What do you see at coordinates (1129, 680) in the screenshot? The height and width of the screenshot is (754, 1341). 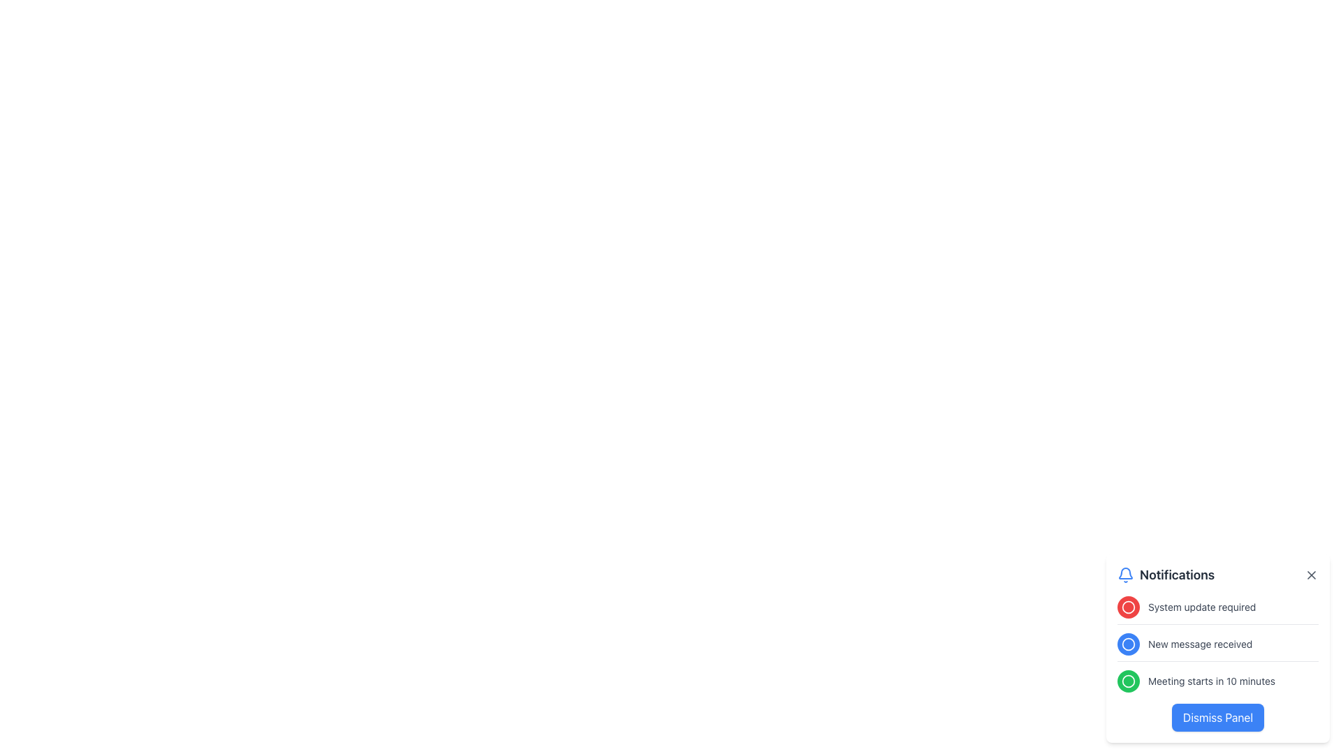 I see `the green circular icon in the 'Meeting starts in 10 minutes' notification row, which is part of the notification icon set` at bounding box center [1129, 680].